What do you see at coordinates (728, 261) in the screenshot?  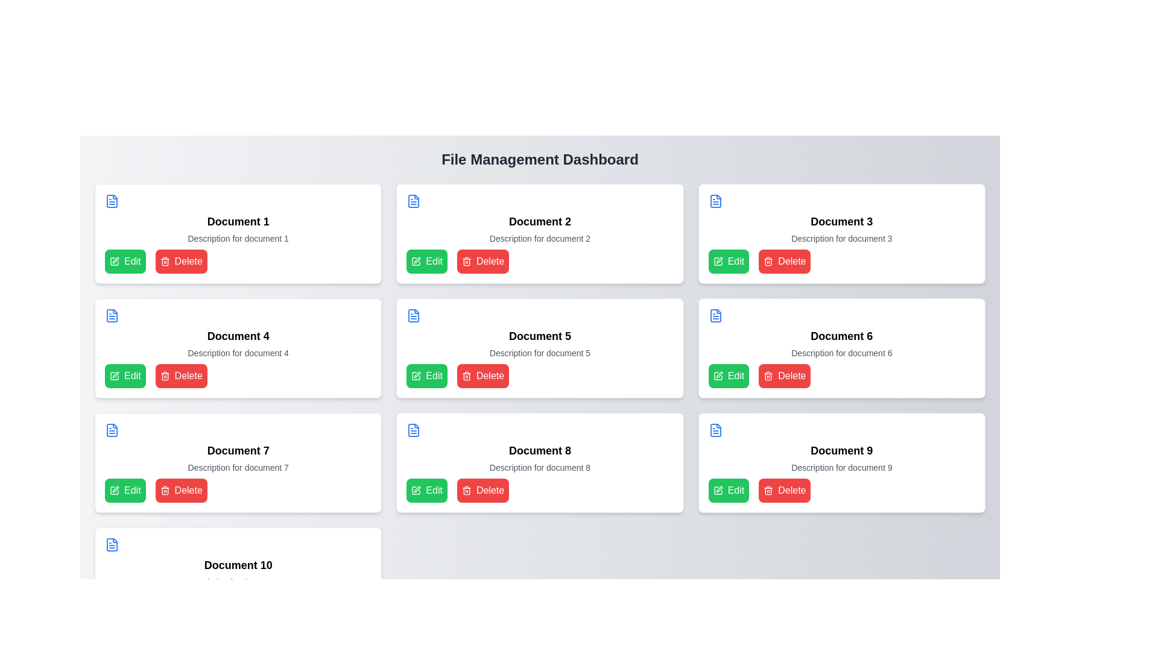 I see `the first button in the bottom-left corner of the card for 'Document 3' to initiate the edit functionality` at bounding box center [728, 261].